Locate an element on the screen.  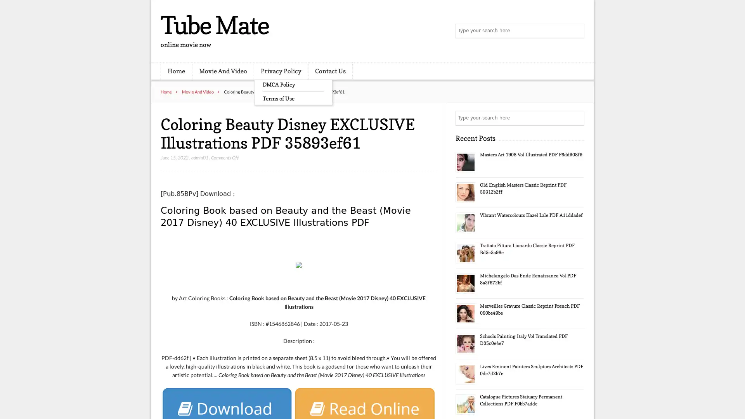
Search is located at coordinates (576, 31).